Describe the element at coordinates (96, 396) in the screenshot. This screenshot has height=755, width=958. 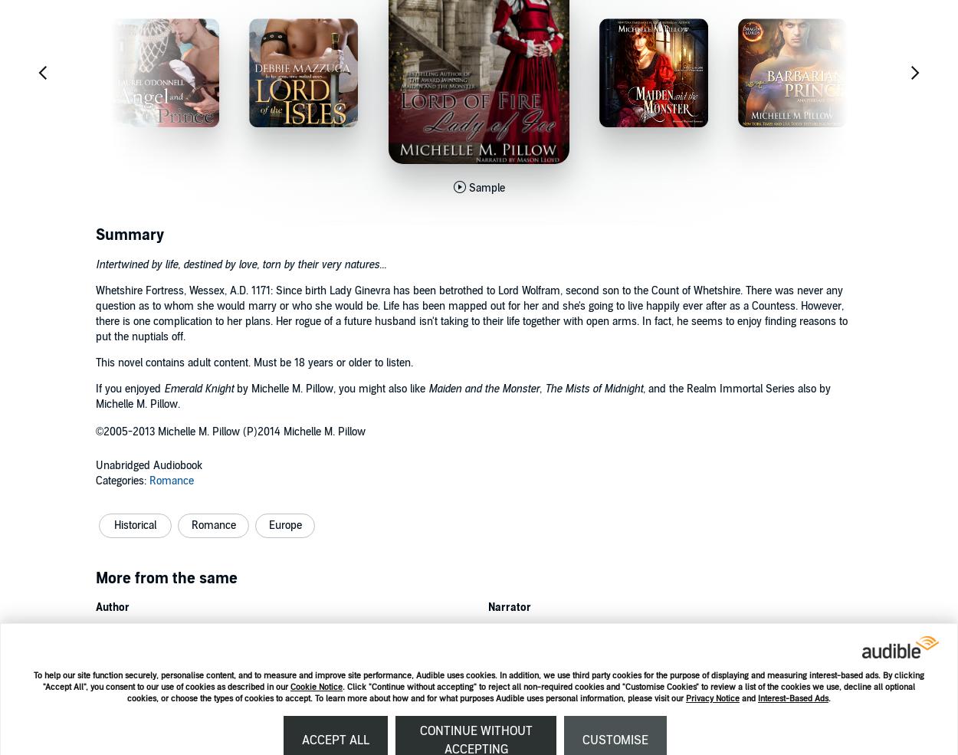
I see `', and the Realm Immortal Series also by Michelle M. Pillow.'` at that location.